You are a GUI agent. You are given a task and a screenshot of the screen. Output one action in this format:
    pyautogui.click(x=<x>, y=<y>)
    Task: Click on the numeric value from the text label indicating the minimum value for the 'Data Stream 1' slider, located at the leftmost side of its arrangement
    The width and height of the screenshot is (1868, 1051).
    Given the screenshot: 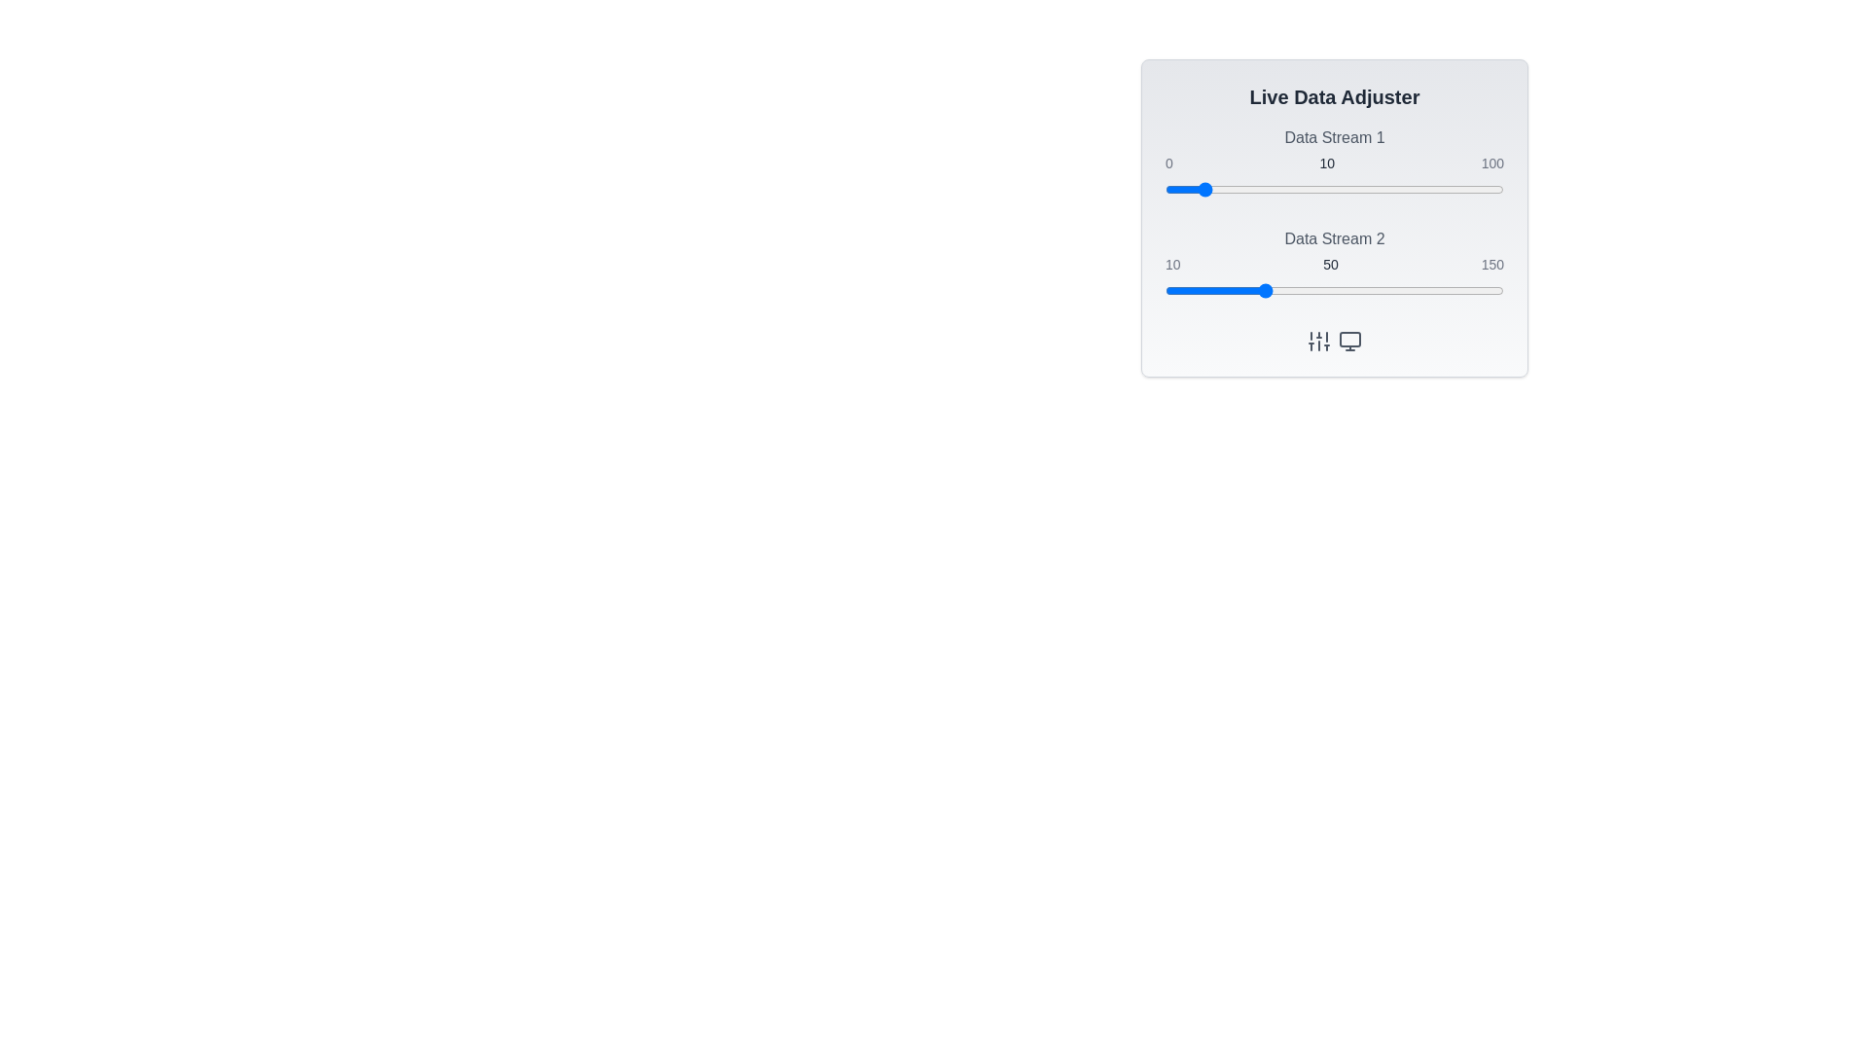 What is the action you would take?
    pyautogui.click(x=1167, y=163)
    